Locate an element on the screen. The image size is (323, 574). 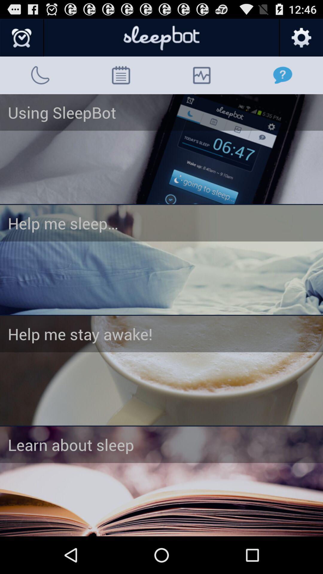
option is located at coordinates (161, 260).